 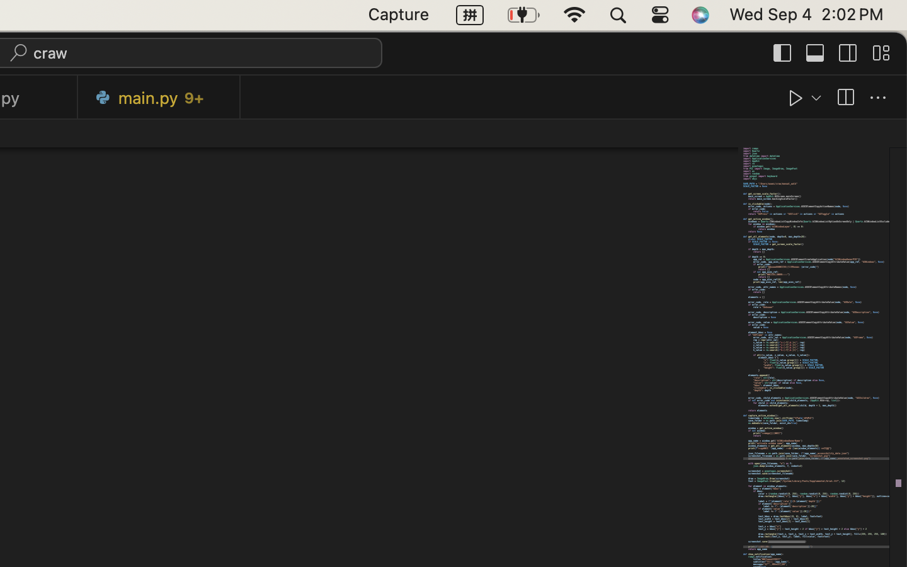 I want to click on '', so click(x=815, y=52).